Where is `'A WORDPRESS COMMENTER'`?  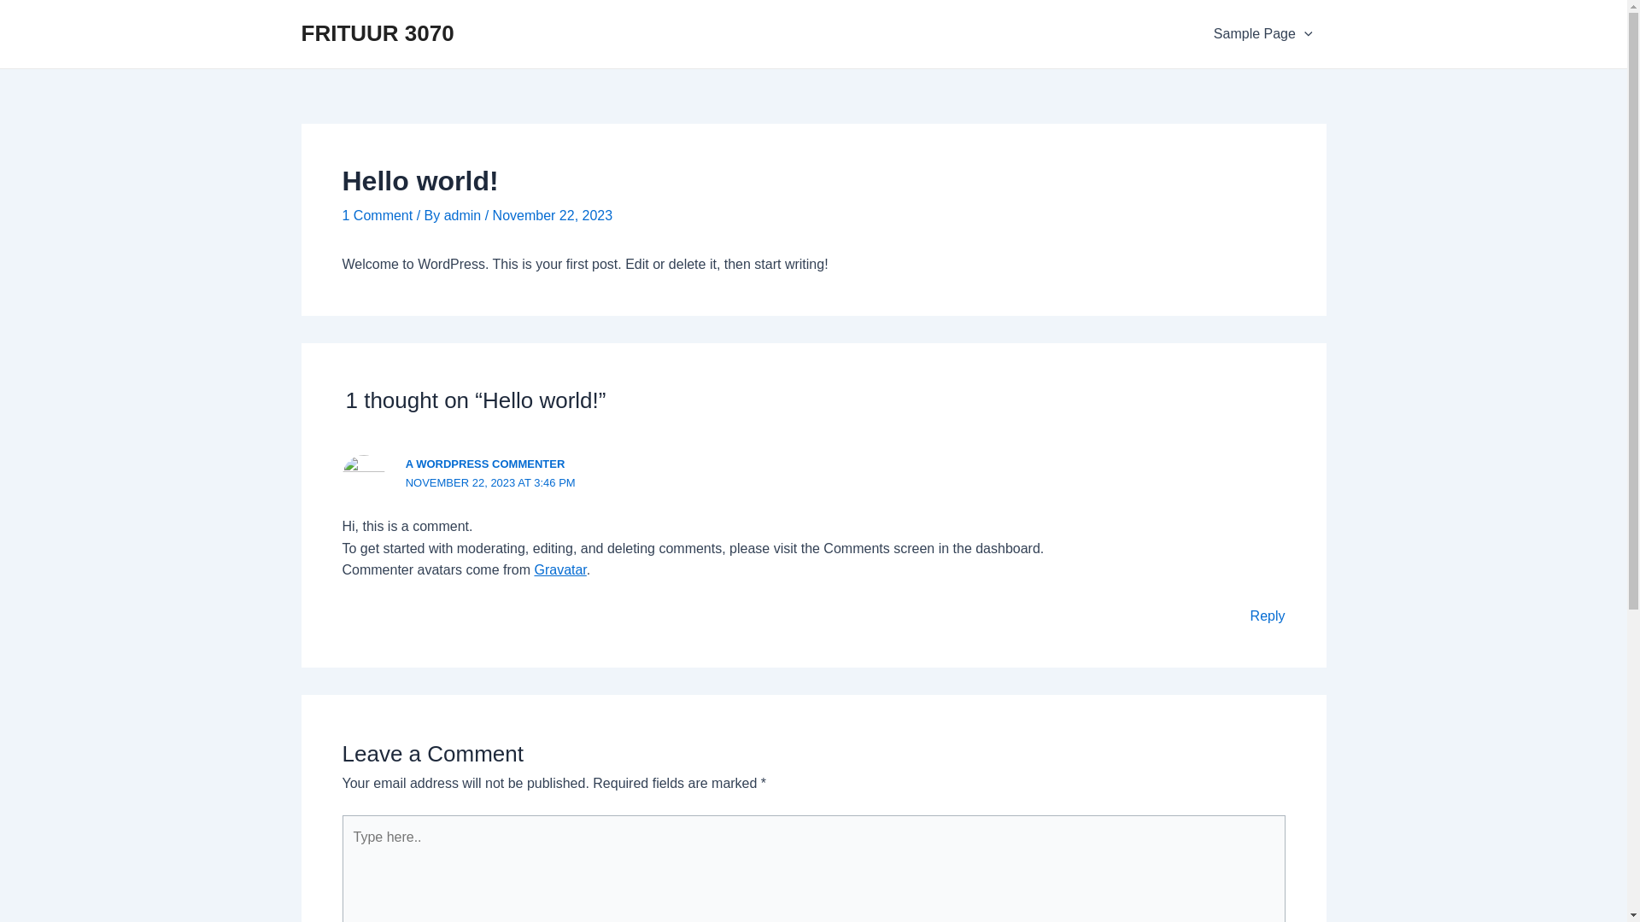
'A WORDPRESS COMMENTER' is located at coordinates (405, 464).